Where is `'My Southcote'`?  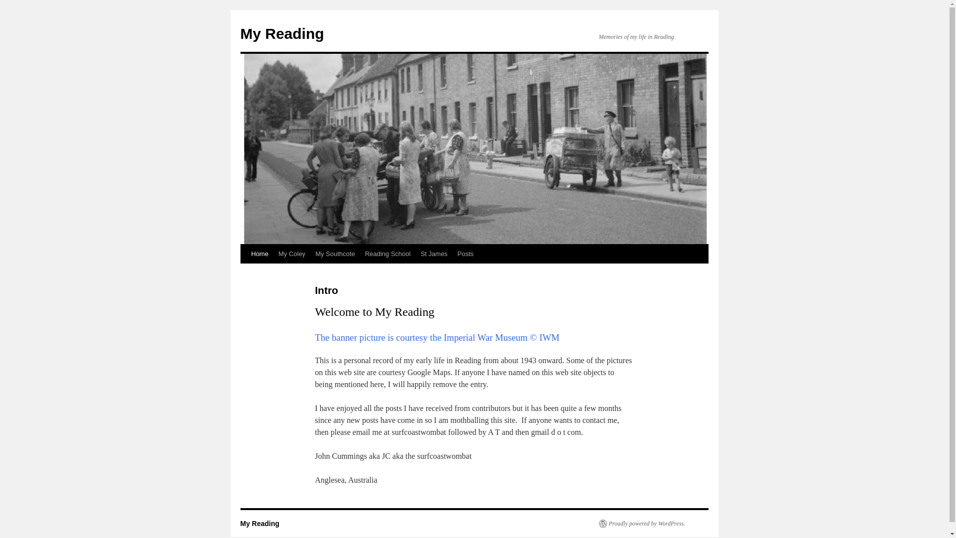 'My Southcote' is located at coordinates (335, 253).